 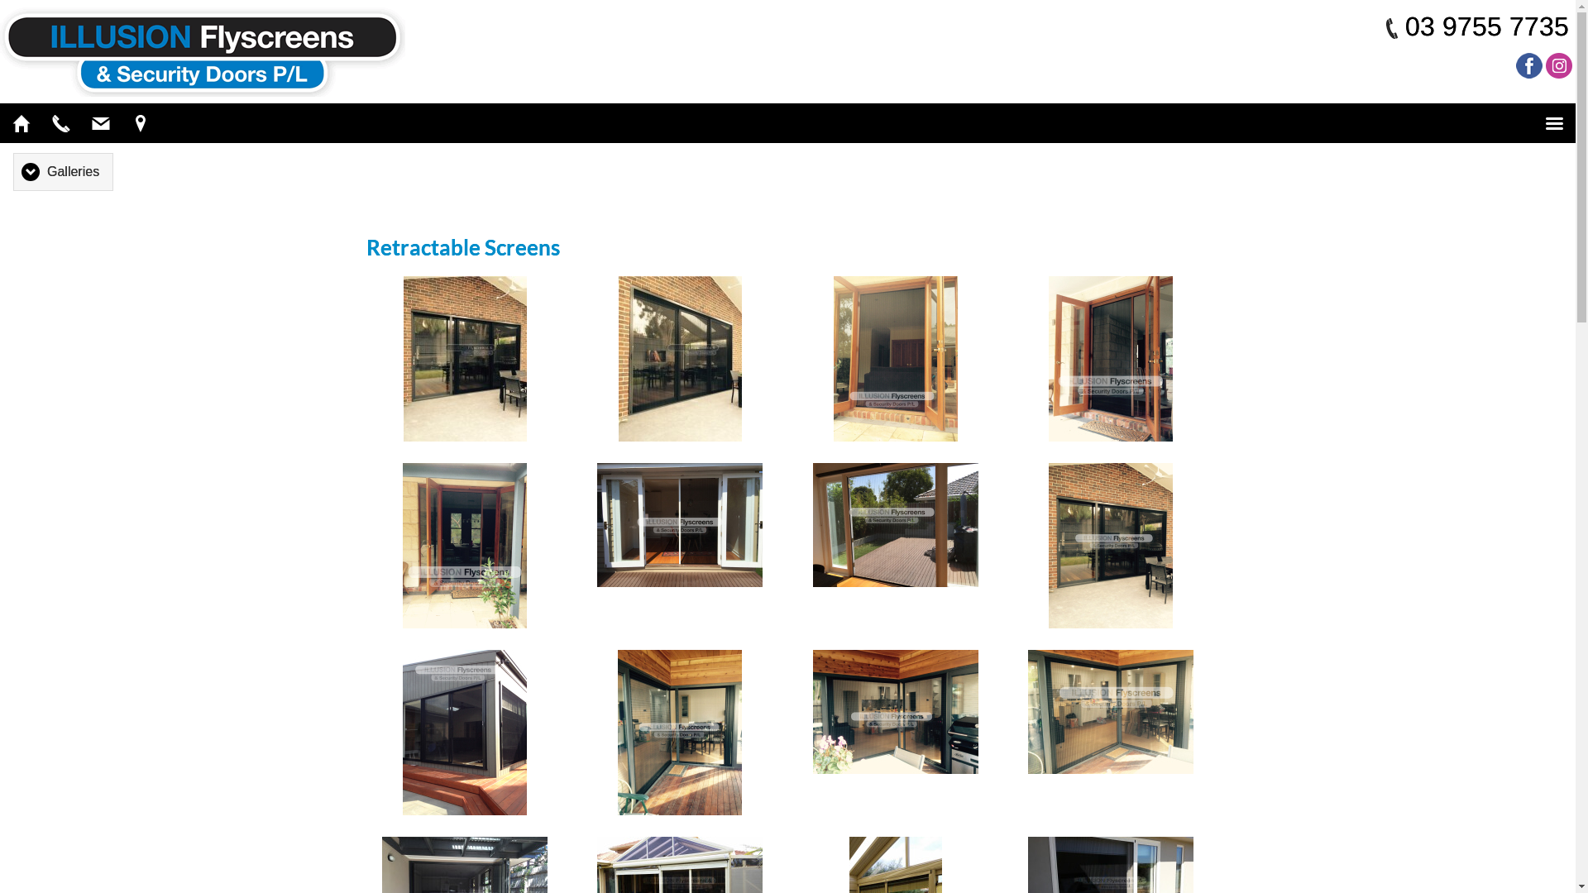 What do you see at coordinates (1404, 26) in the screenshot?
I see `'03 9755 7735'` at bounding box center [1404, 26].